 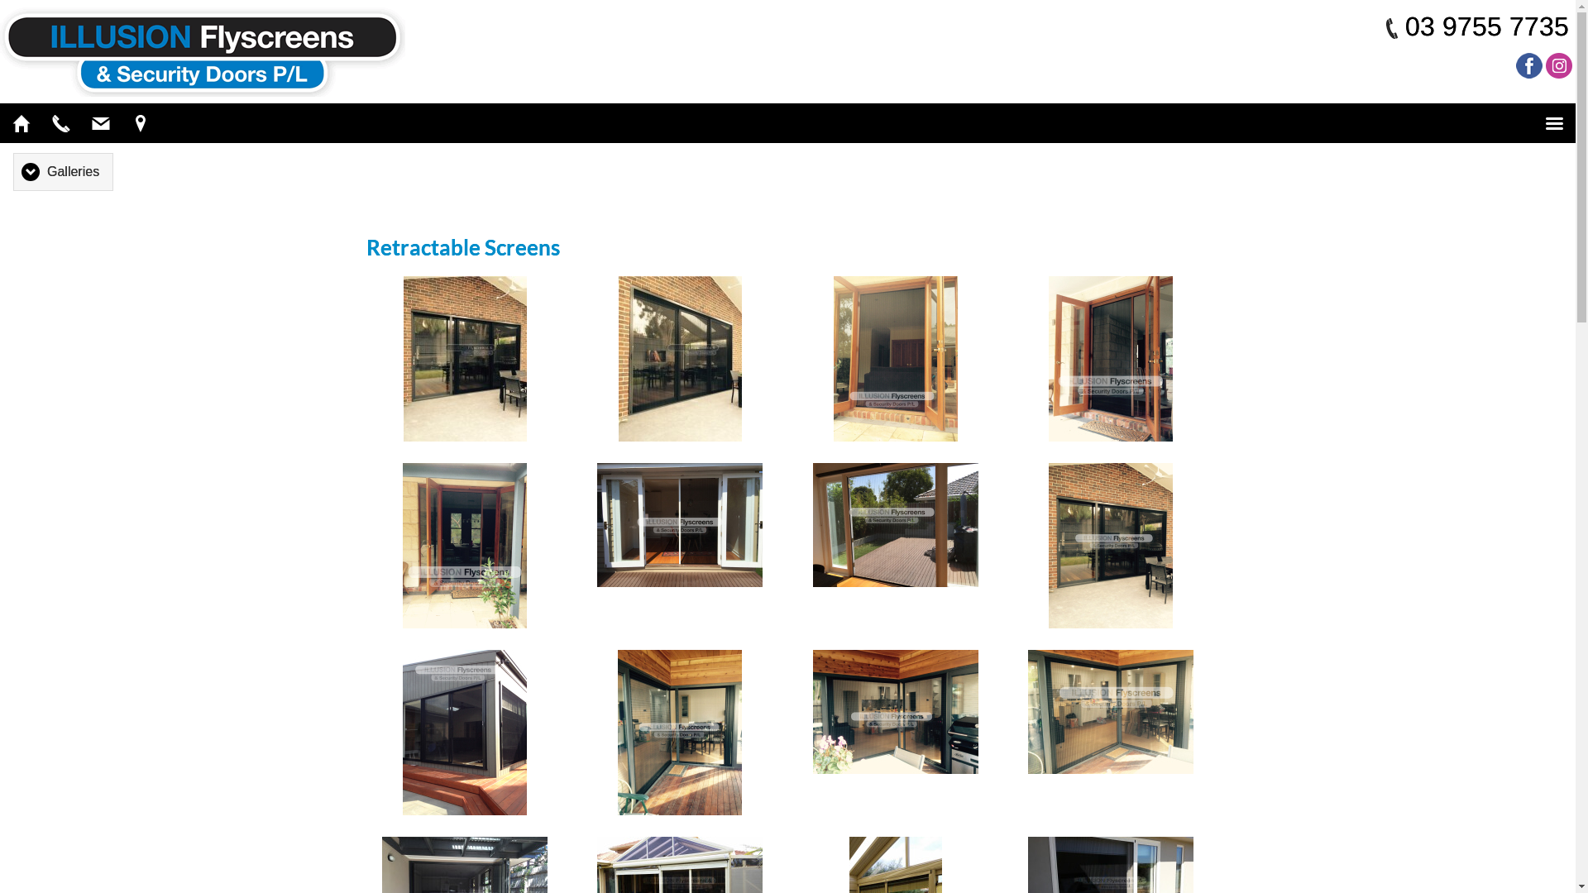 What do you see at coordinates (1404, 26) in the screenshot?
I see `'03 9755 7735'` at bounding box center [1404, 26].